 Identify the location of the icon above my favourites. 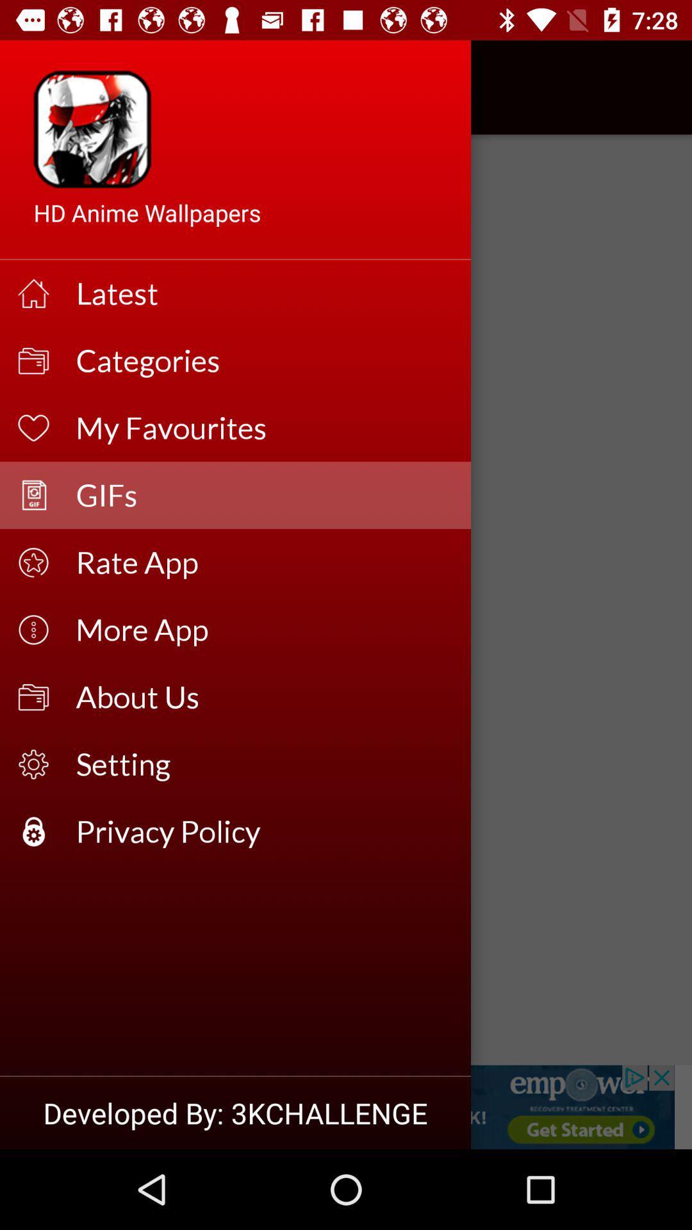
(264, 360).